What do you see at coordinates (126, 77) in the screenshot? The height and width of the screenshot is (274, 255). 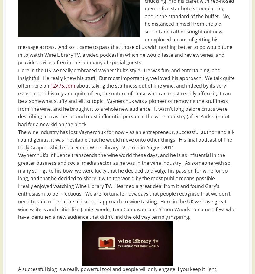 I see `'Here in the UK we really embraced Vaynerchuk’s style.  He was fun, and entertaining, and insightful.  He really knew his stuff.  But most importantly, we loved his approach.  We talk quite often here on'` at bounding box center [126, 77].